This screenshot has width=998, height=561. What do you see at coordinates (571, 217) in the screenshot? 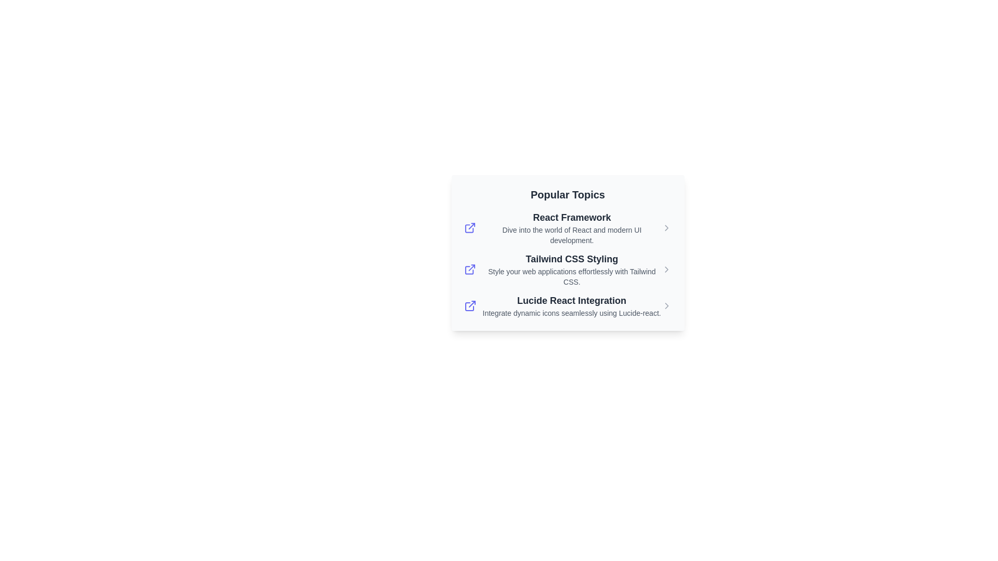
I see `the navigational link related to 'React Framework' which is the first bold text item above the descriptive text about React` at bounding box center [571, 217].